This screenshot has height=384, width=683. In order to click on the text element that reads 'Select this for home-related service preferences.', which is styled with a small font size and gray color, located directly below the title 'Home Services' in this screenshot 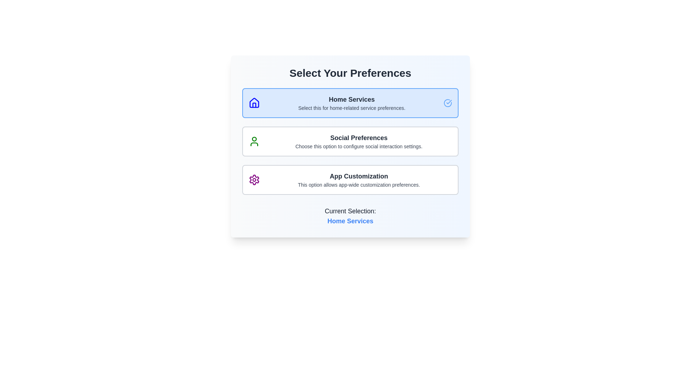, I will do `click(351, 108)`.